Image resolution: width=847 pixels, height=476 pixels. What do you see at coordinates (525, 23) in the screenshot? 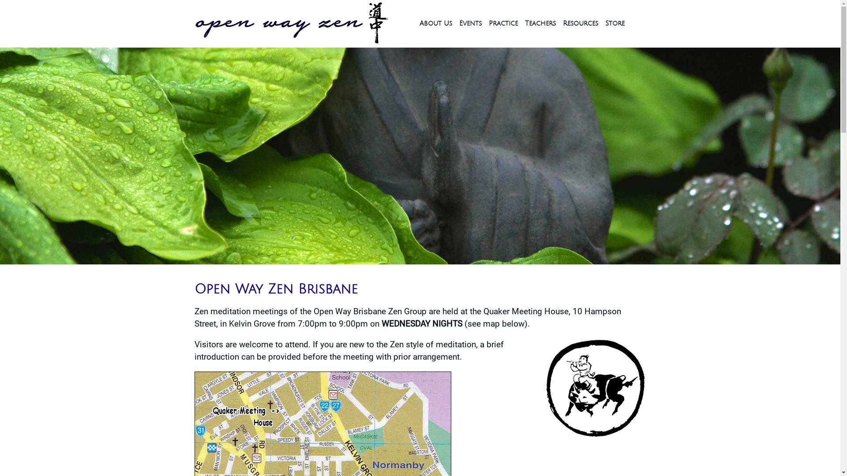
I see `'Teachers'` at bounding box center [525, 23].